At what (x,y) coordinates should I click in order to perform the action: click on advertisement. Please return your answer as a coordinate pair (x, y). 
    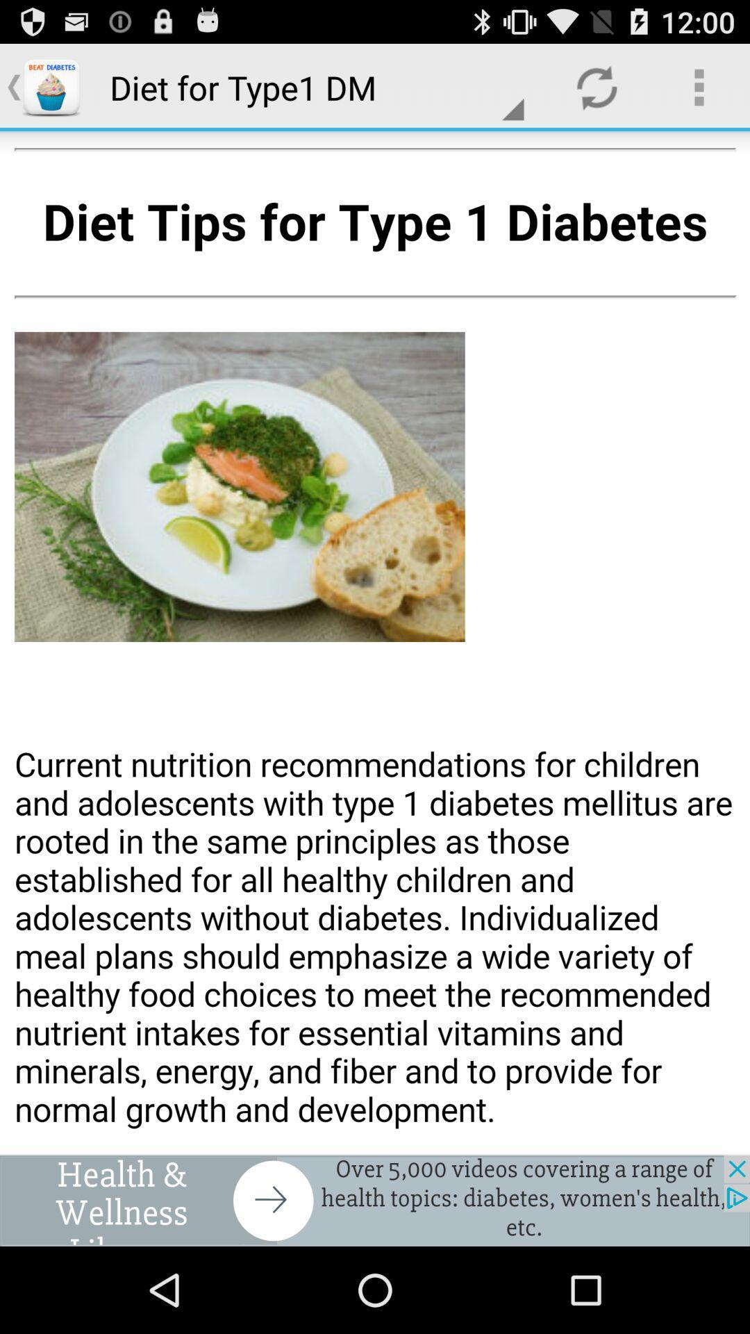
    Looking at the image, I should click on (375, 1200).